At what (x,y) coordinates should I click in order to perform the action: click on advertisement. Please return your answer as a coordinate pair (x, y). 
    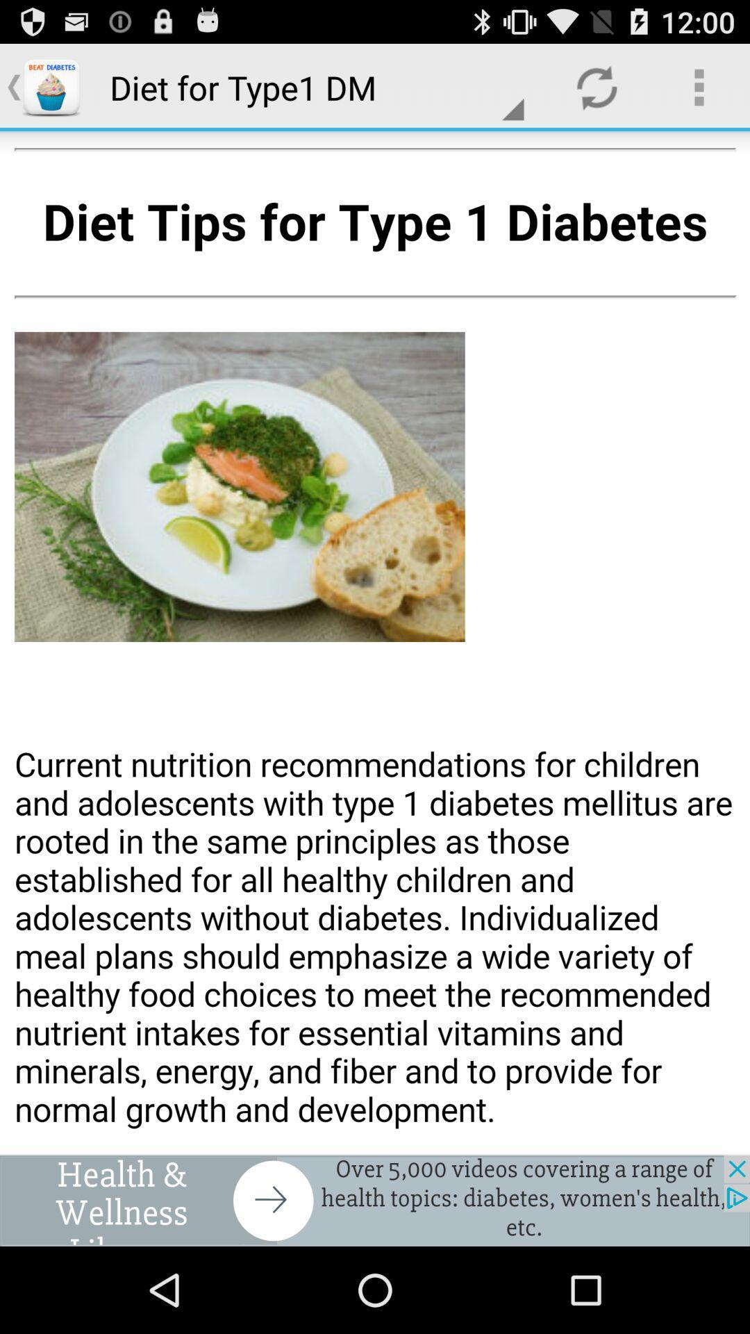
    Looking at the image, I should click on (375, 1200).